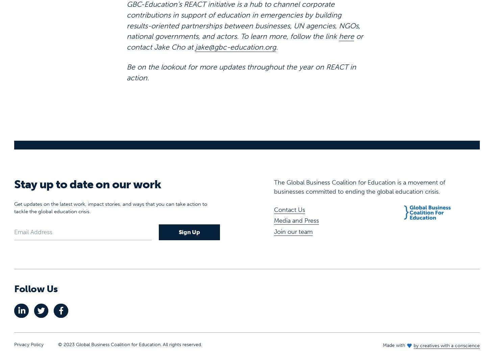  What do you see at coordinates (276, 25) in the screenshot?
I see `'.'` at bounding box center [276, 25].